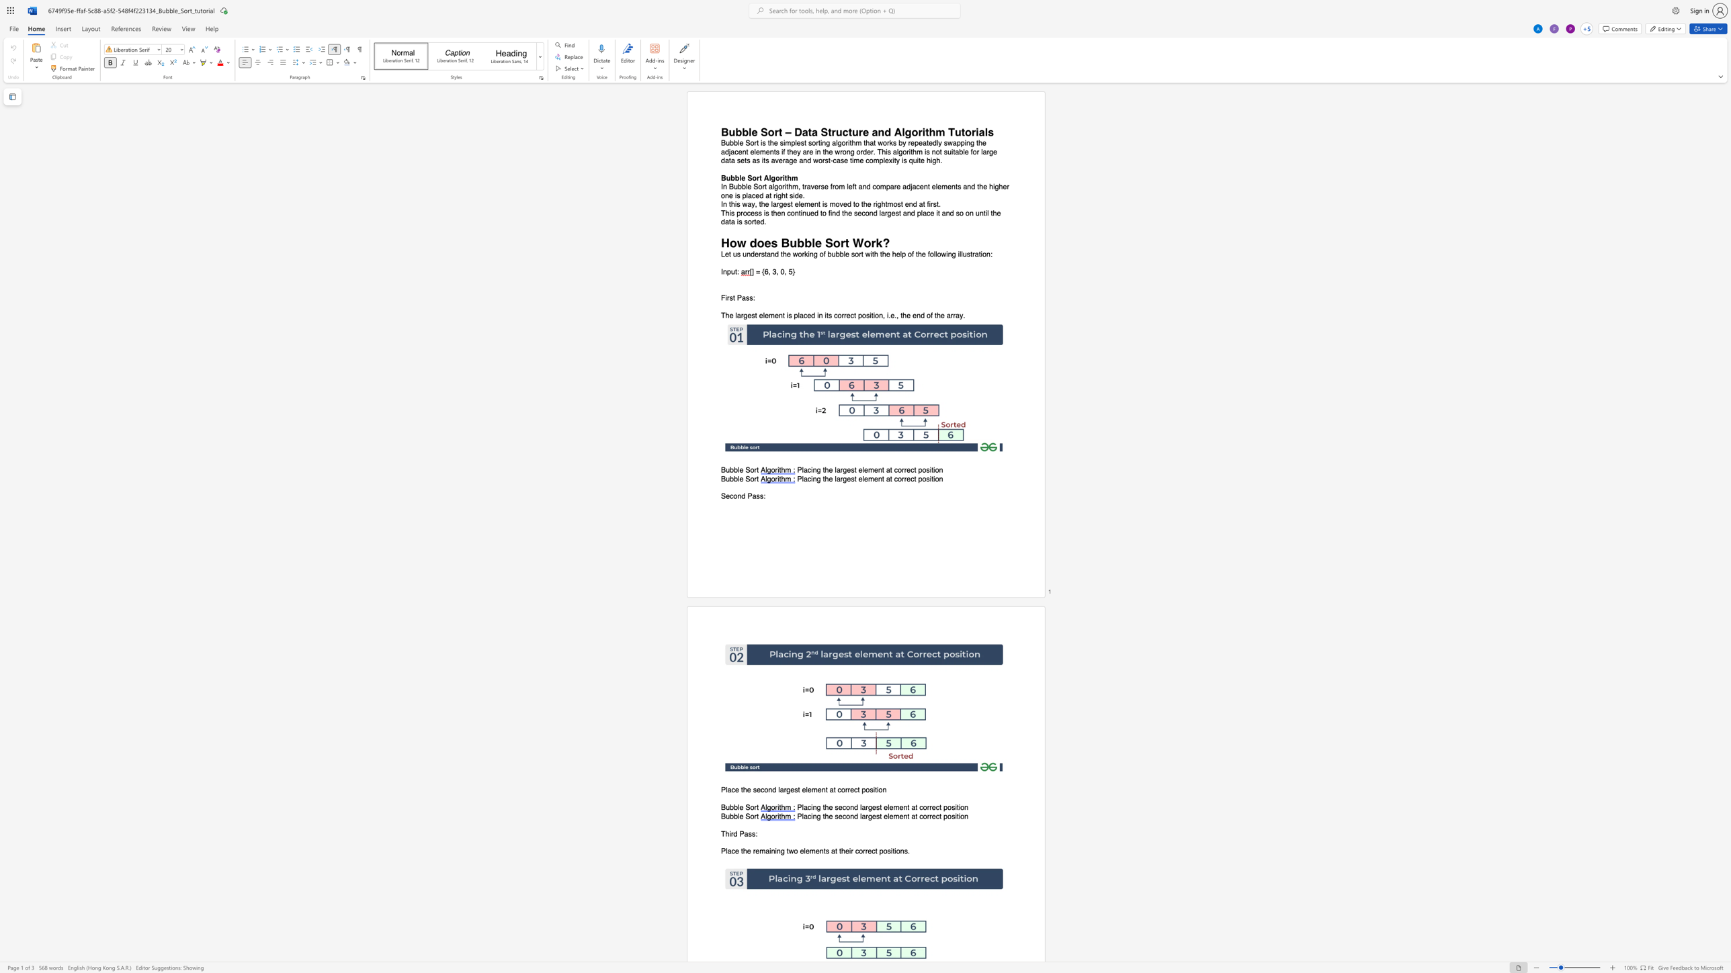 The width and height of the screenshot is (1731, 973). I want to click on the 2th character "f" in the text, so click(912, 254).